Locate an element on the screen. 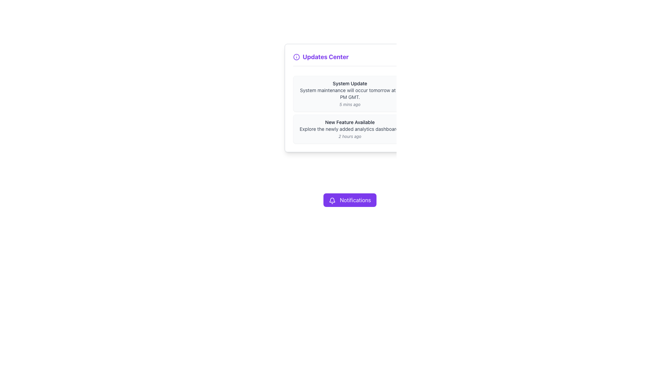 This screenshot has height=367, width=653. the first notification card titled 'System Update' in the 'Updates Center' panel, which contains a bold title, a descriptive message, and a timestamp is located at coordinates (350, 94).